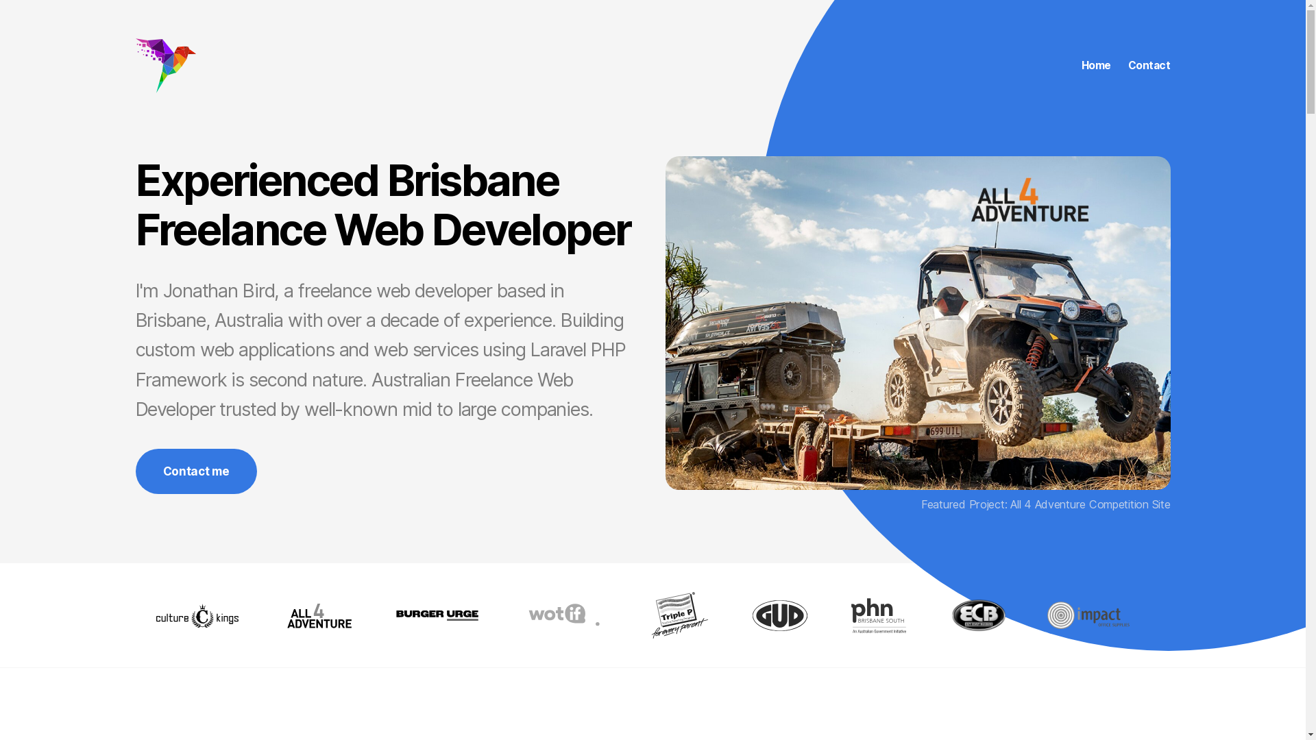 This screenshot has height=740, width=1316. Describe the element at coordinates (1149, 66) in the screenshot. I see `'Contact'` at that location.